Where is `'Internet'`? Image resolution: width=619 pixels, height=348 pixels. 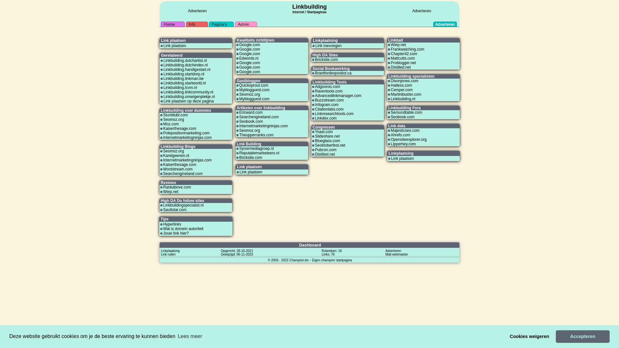
'Internet' is located at coordinates (292, 11).